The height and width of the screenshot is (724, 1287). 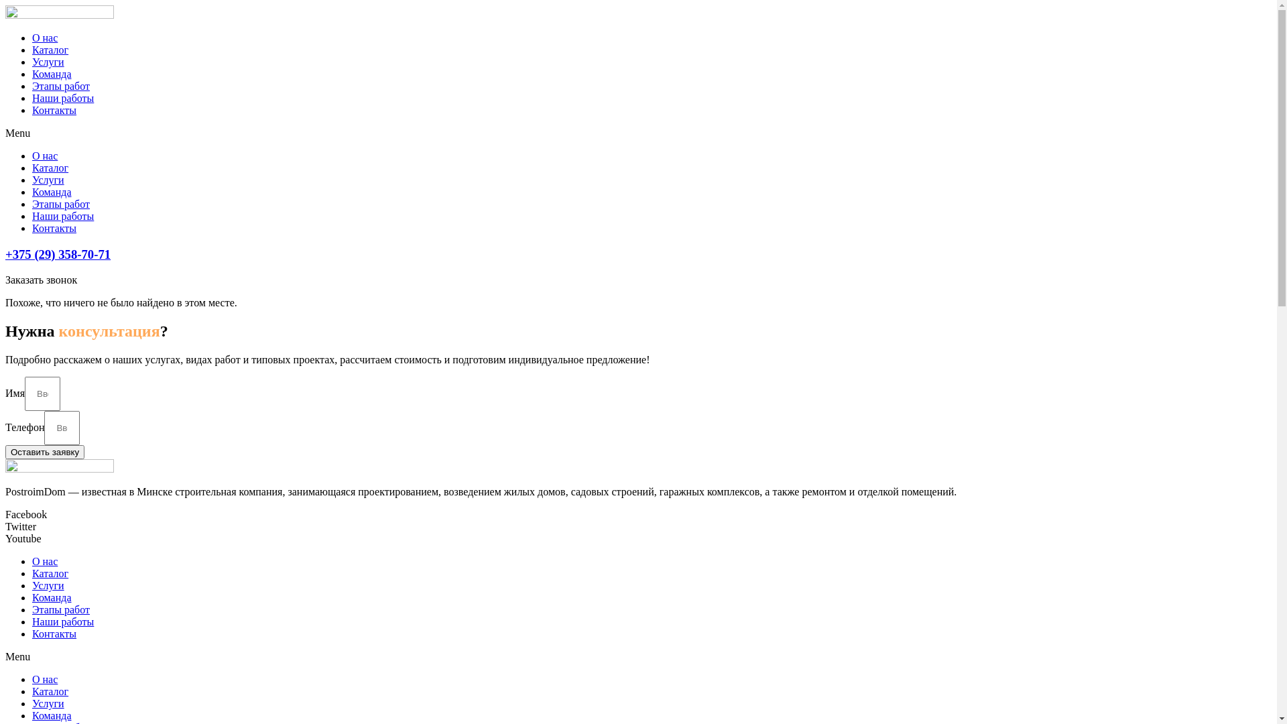 I want to click on '+375 (29) 358-70-71', so click(x=57, y=254).